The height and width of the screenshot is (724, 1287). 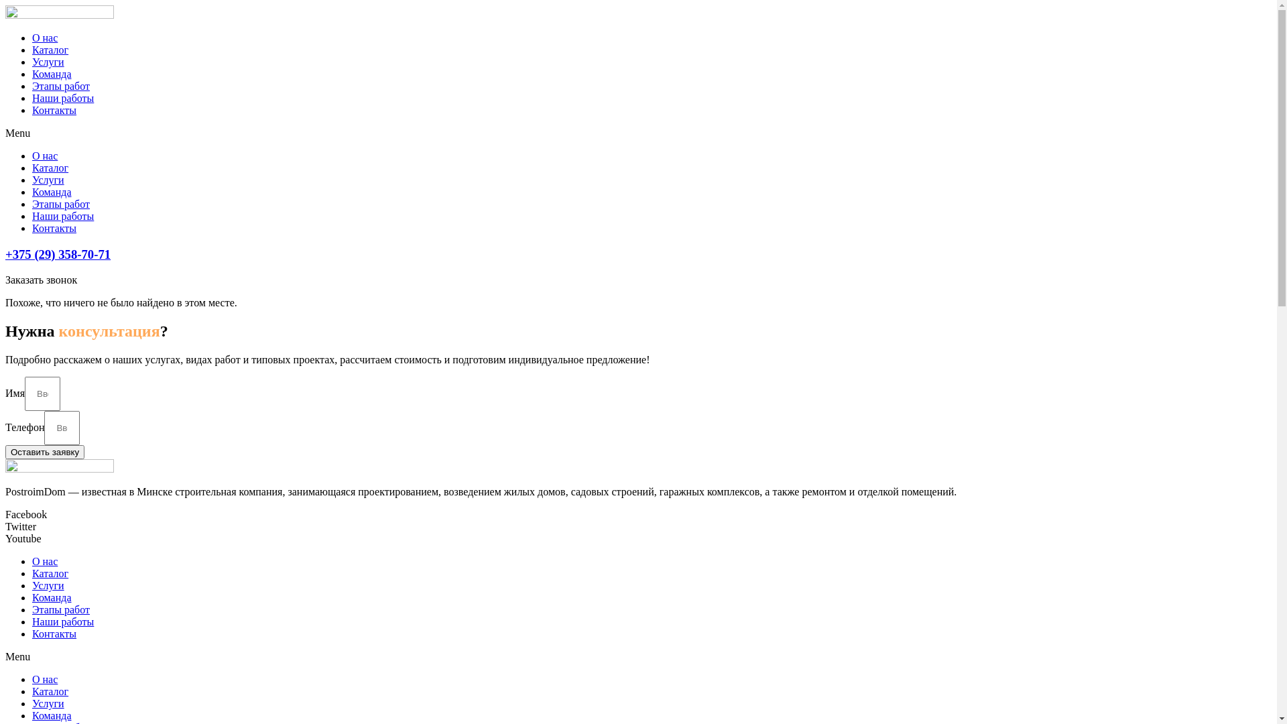 I want to click on '+375 (29) 358-70-71', so click(x=57, y=254).